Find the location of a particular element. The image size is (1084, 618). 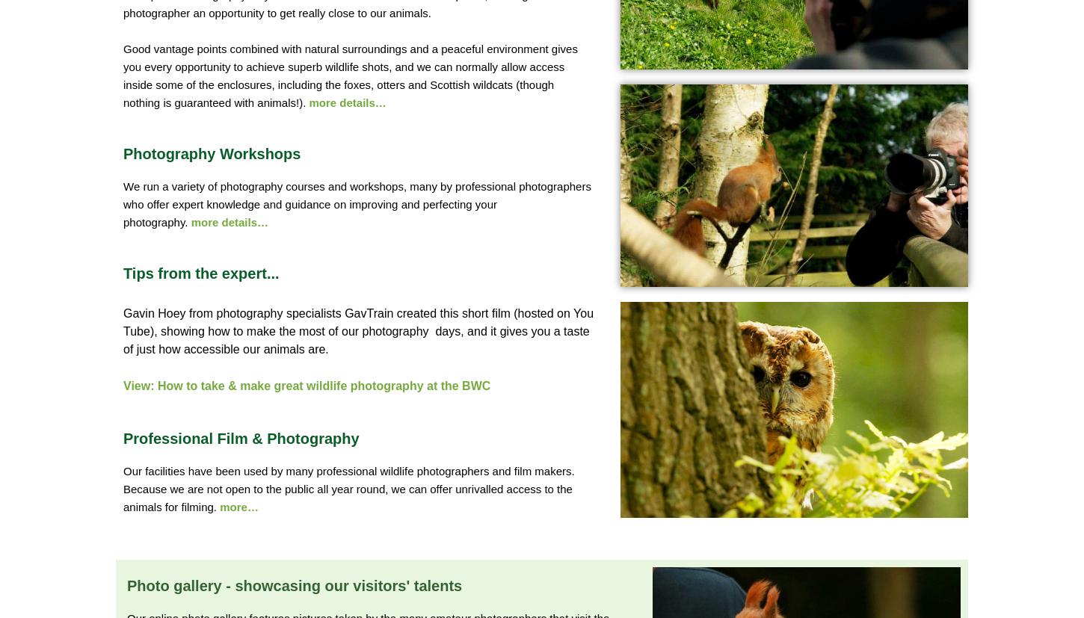

'View: How to take & make great wildlife photography at the BWC' is located at coordinates (306, 386).